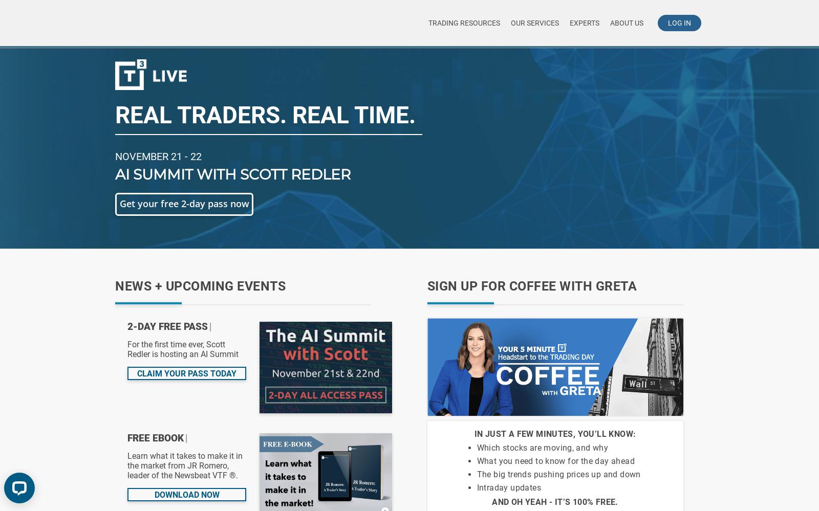 This screenshot has width=819, height=511. I want to click on 'DOWNLOAD NOW', so click(186, 494).